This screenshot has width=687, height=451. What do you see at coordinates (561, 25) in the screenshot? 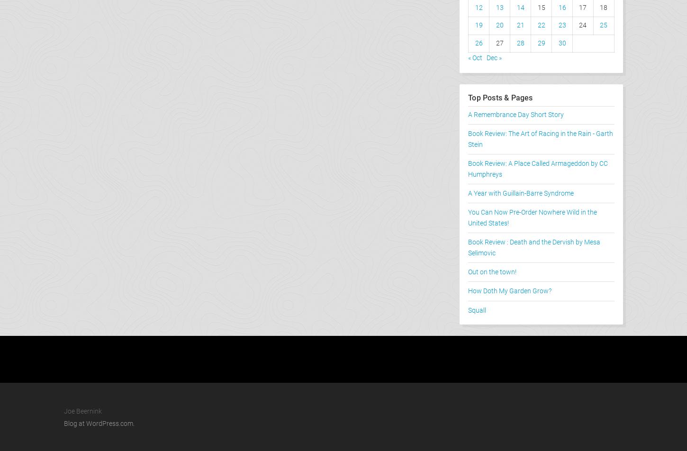
I see `'23'` at bounding box center [561, 25].